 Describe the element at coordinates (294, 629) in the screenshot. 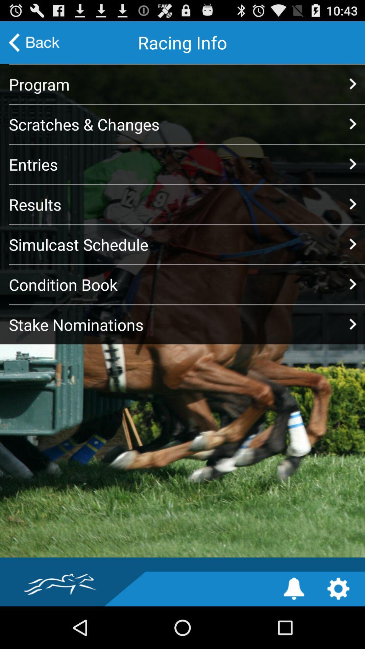

I see `the notifications icon` at that location.